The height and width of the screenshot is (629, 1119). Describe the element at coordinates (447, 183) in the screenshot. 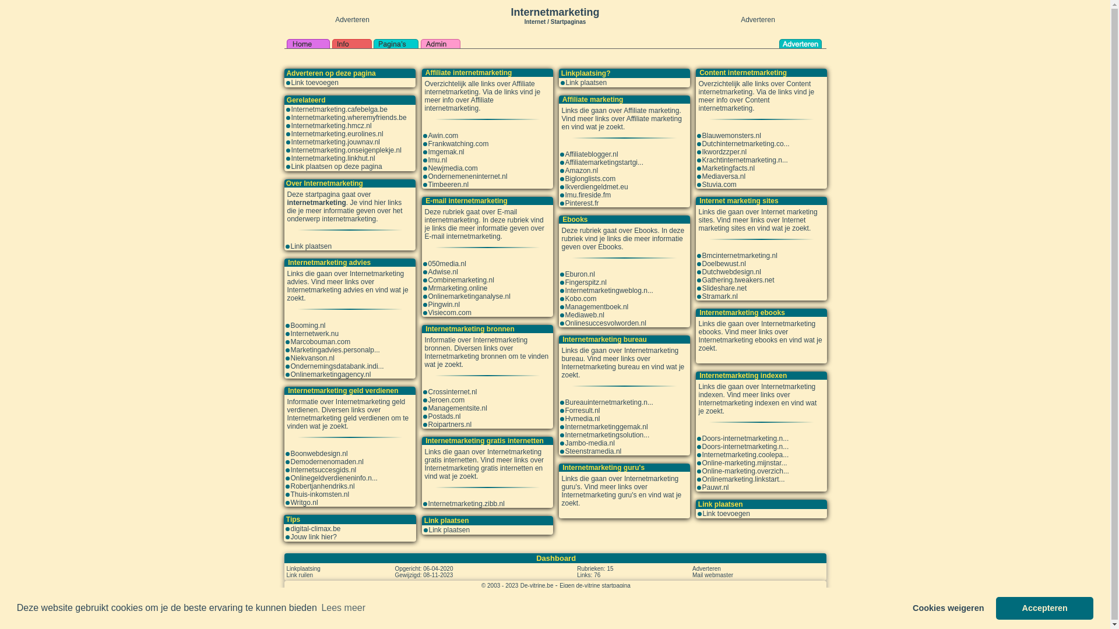

I see `'Timbeeren.nl'` at that location.